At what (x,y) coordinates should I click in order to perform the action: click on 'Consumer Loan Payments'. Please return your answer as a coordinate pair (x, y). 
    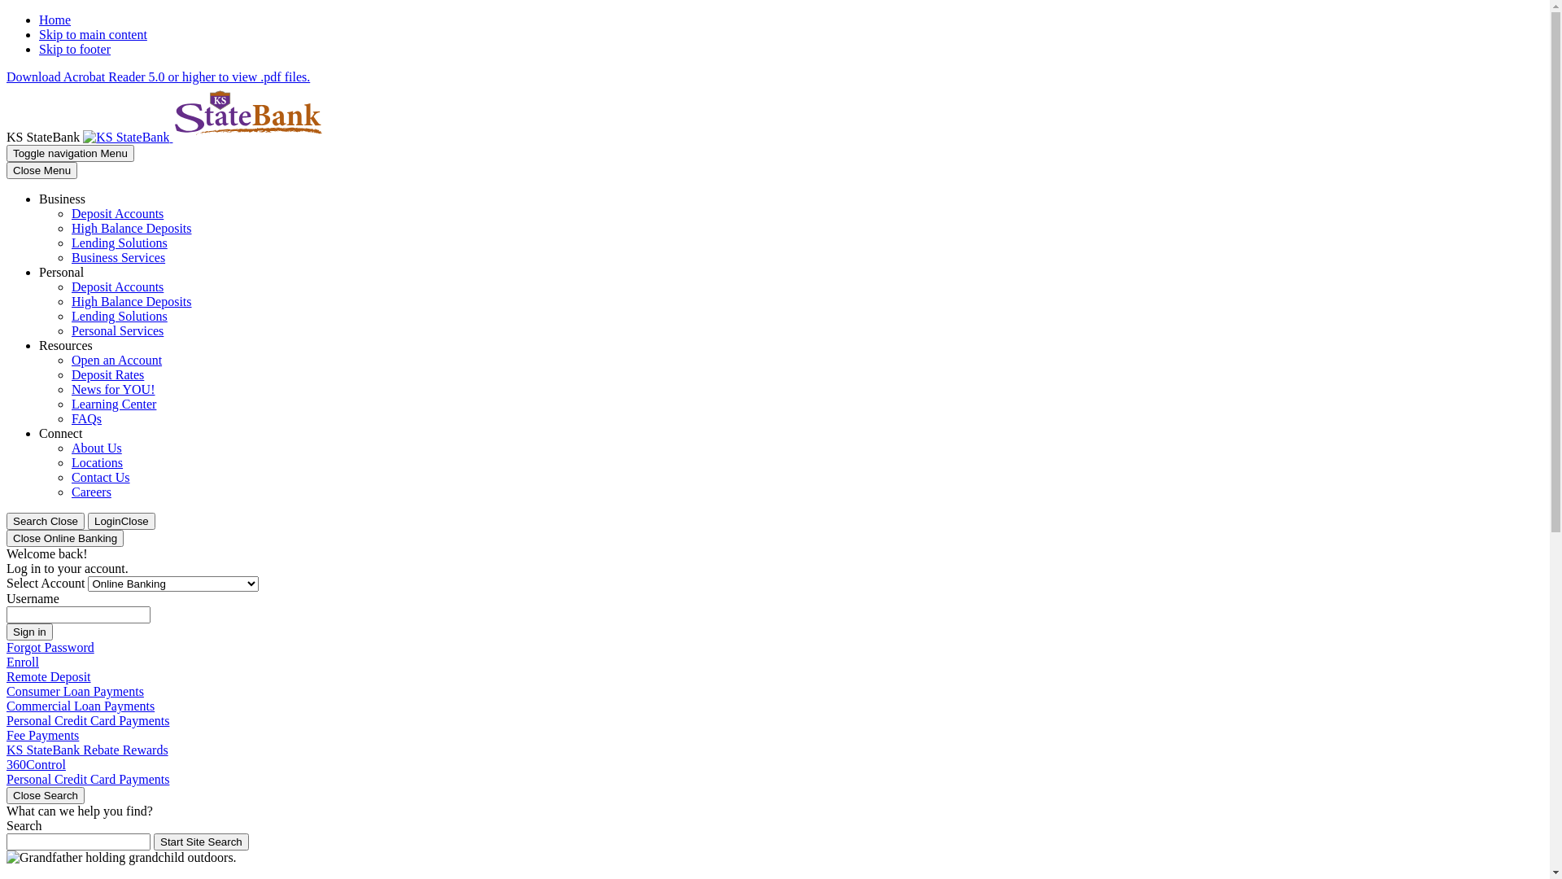
    Looking at the image, I should click on (74, 691).